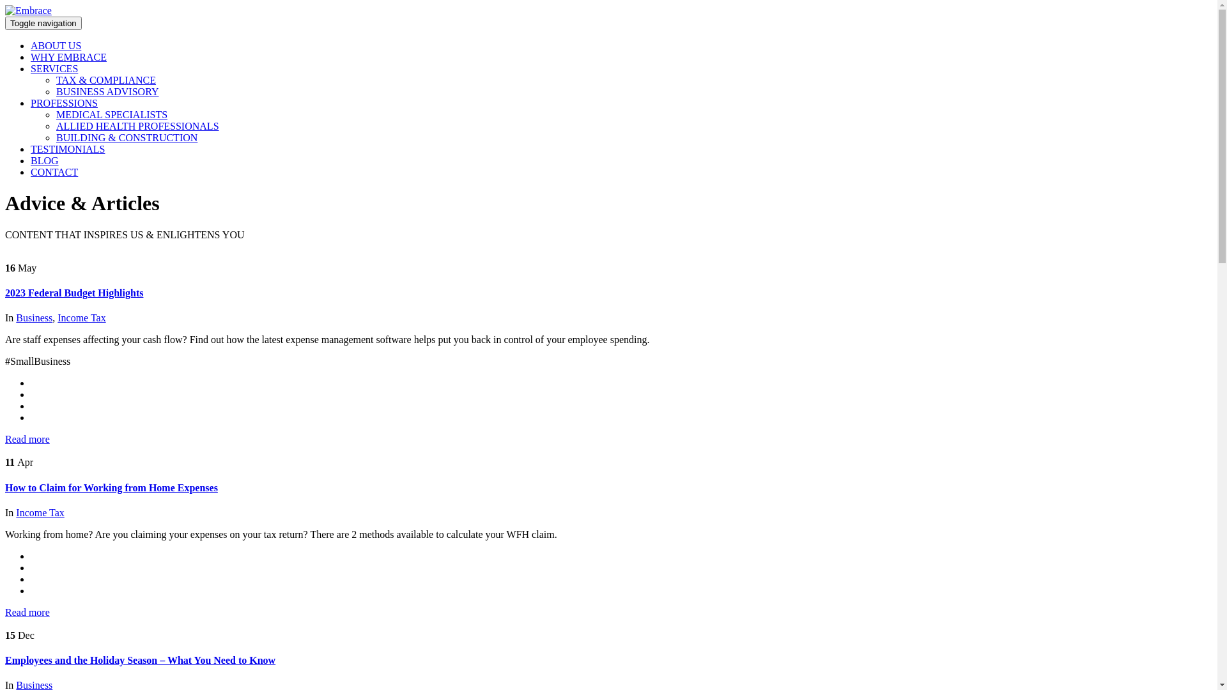 This screenshot has height=690, width=1227. What do you see at coordinates (73, 293) in the screenshot?
I see `'2023 Federal Budget Highlights'` at bounding box center [73, 293].